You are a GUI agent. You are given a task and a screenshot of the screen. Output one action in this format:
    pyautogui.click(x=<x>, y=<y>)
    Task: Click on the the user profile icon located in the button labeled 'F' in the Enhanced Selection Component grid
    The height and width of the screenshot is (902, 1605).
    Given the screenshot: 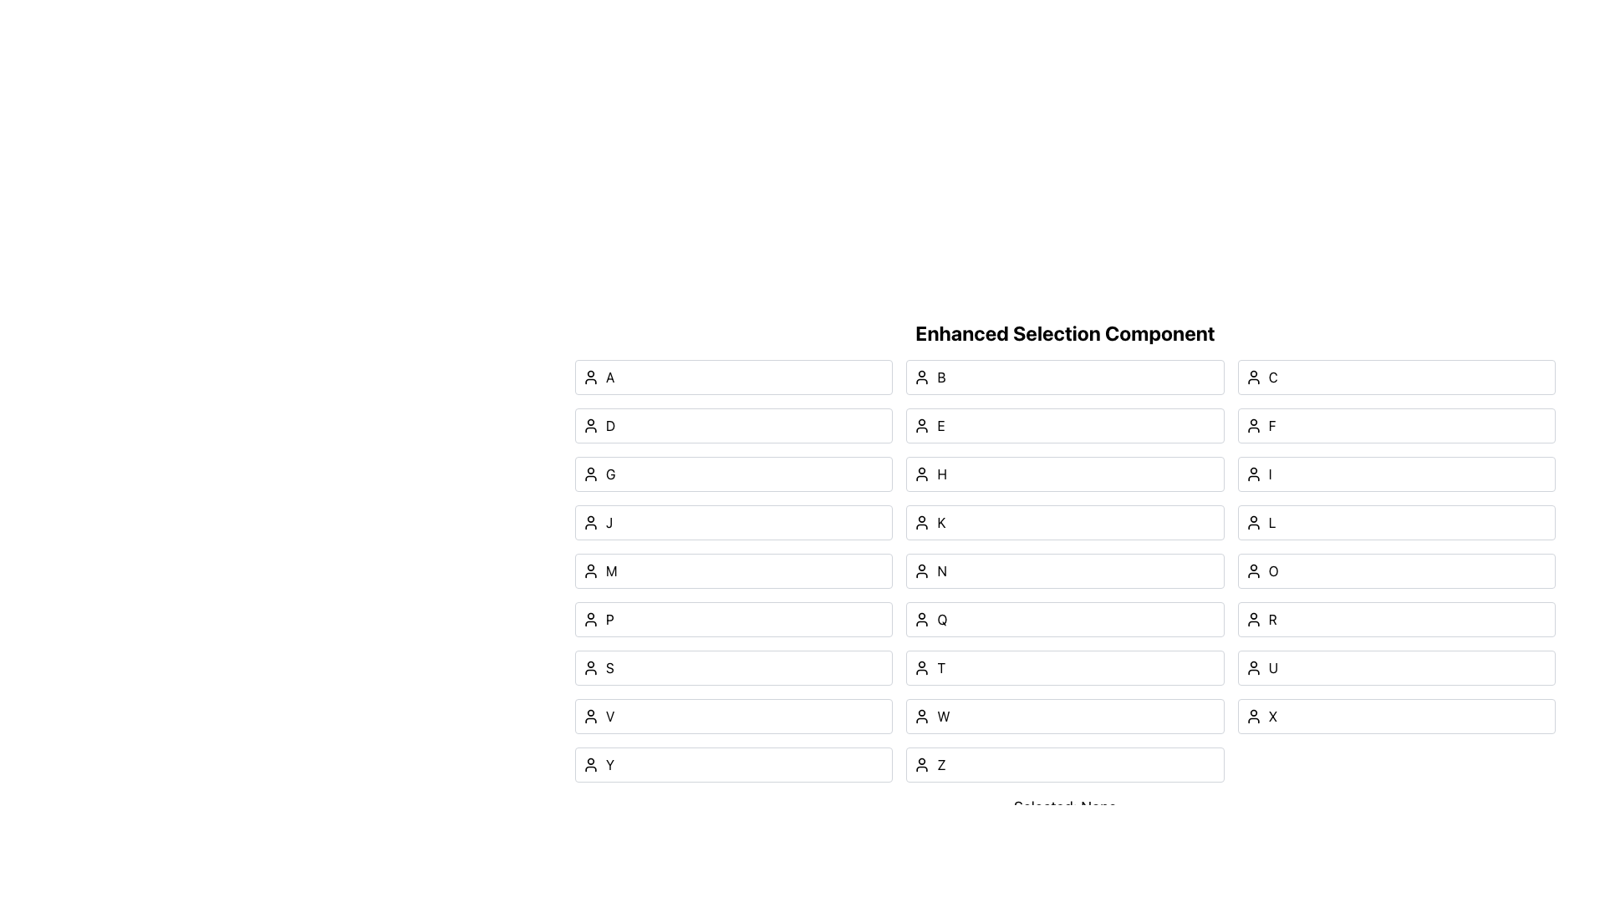 What is the action you would take?
    pyautogui.click(x=1252, y=424)
    